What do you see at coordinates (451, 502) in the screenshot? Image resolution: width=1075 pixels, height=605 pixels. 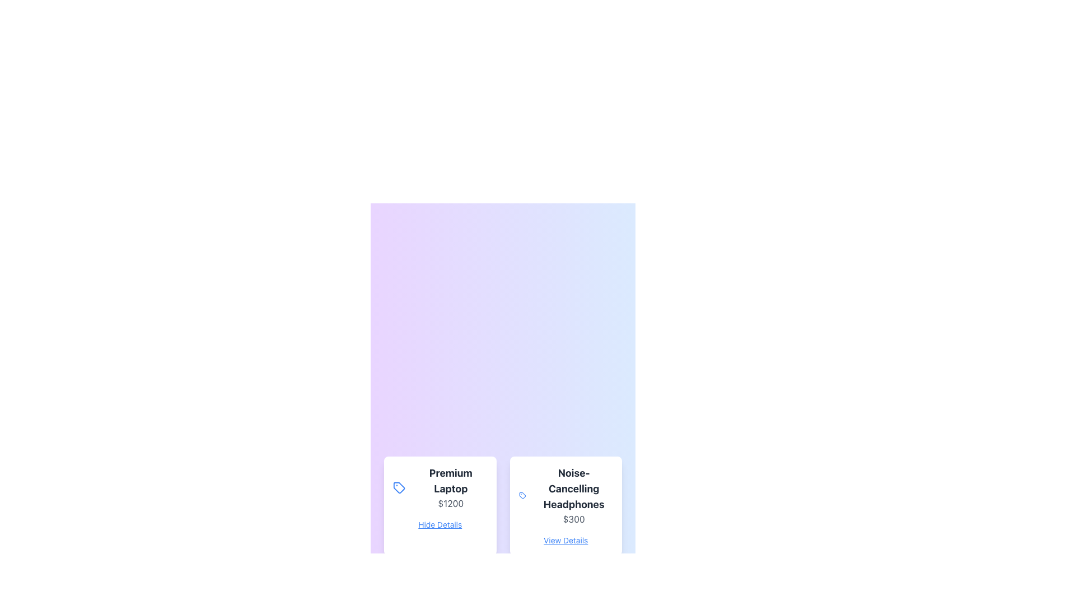 I see `the text element displaying the price '$1200' in gray color, which is located below the bold text 'Premium Laptop' within the product card` at bounding box center [451, 502].